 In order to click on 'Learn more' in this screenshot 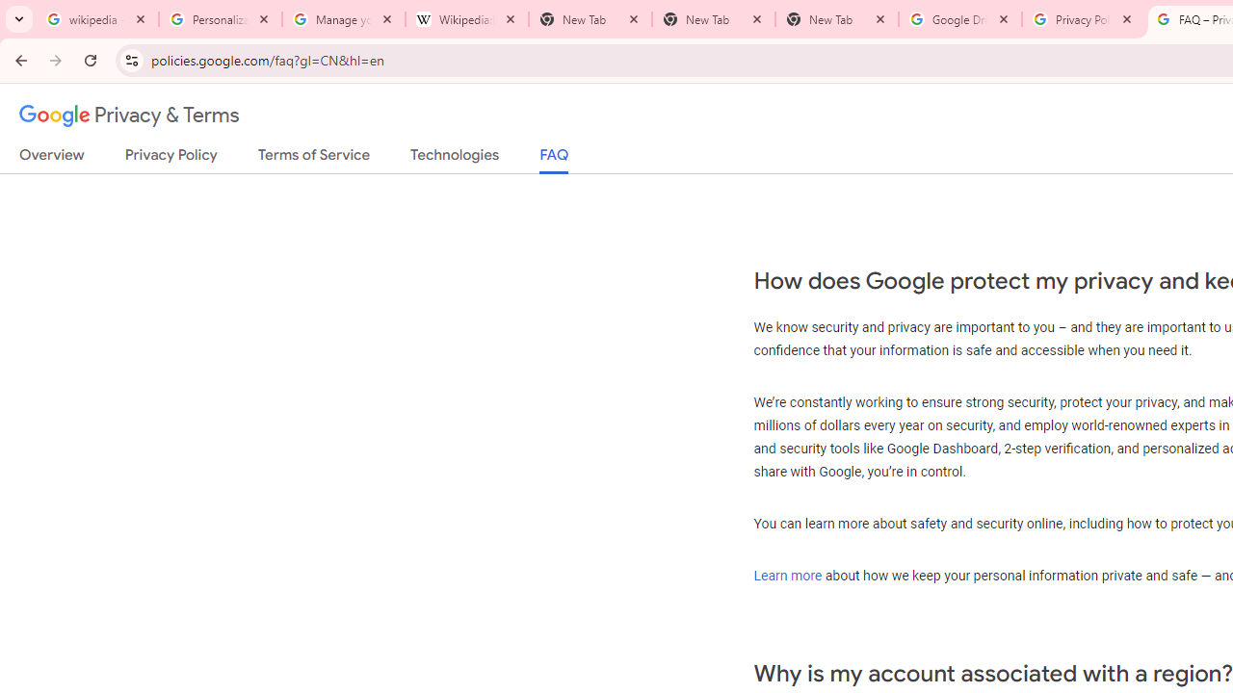, I will do `click(787, 574)`.